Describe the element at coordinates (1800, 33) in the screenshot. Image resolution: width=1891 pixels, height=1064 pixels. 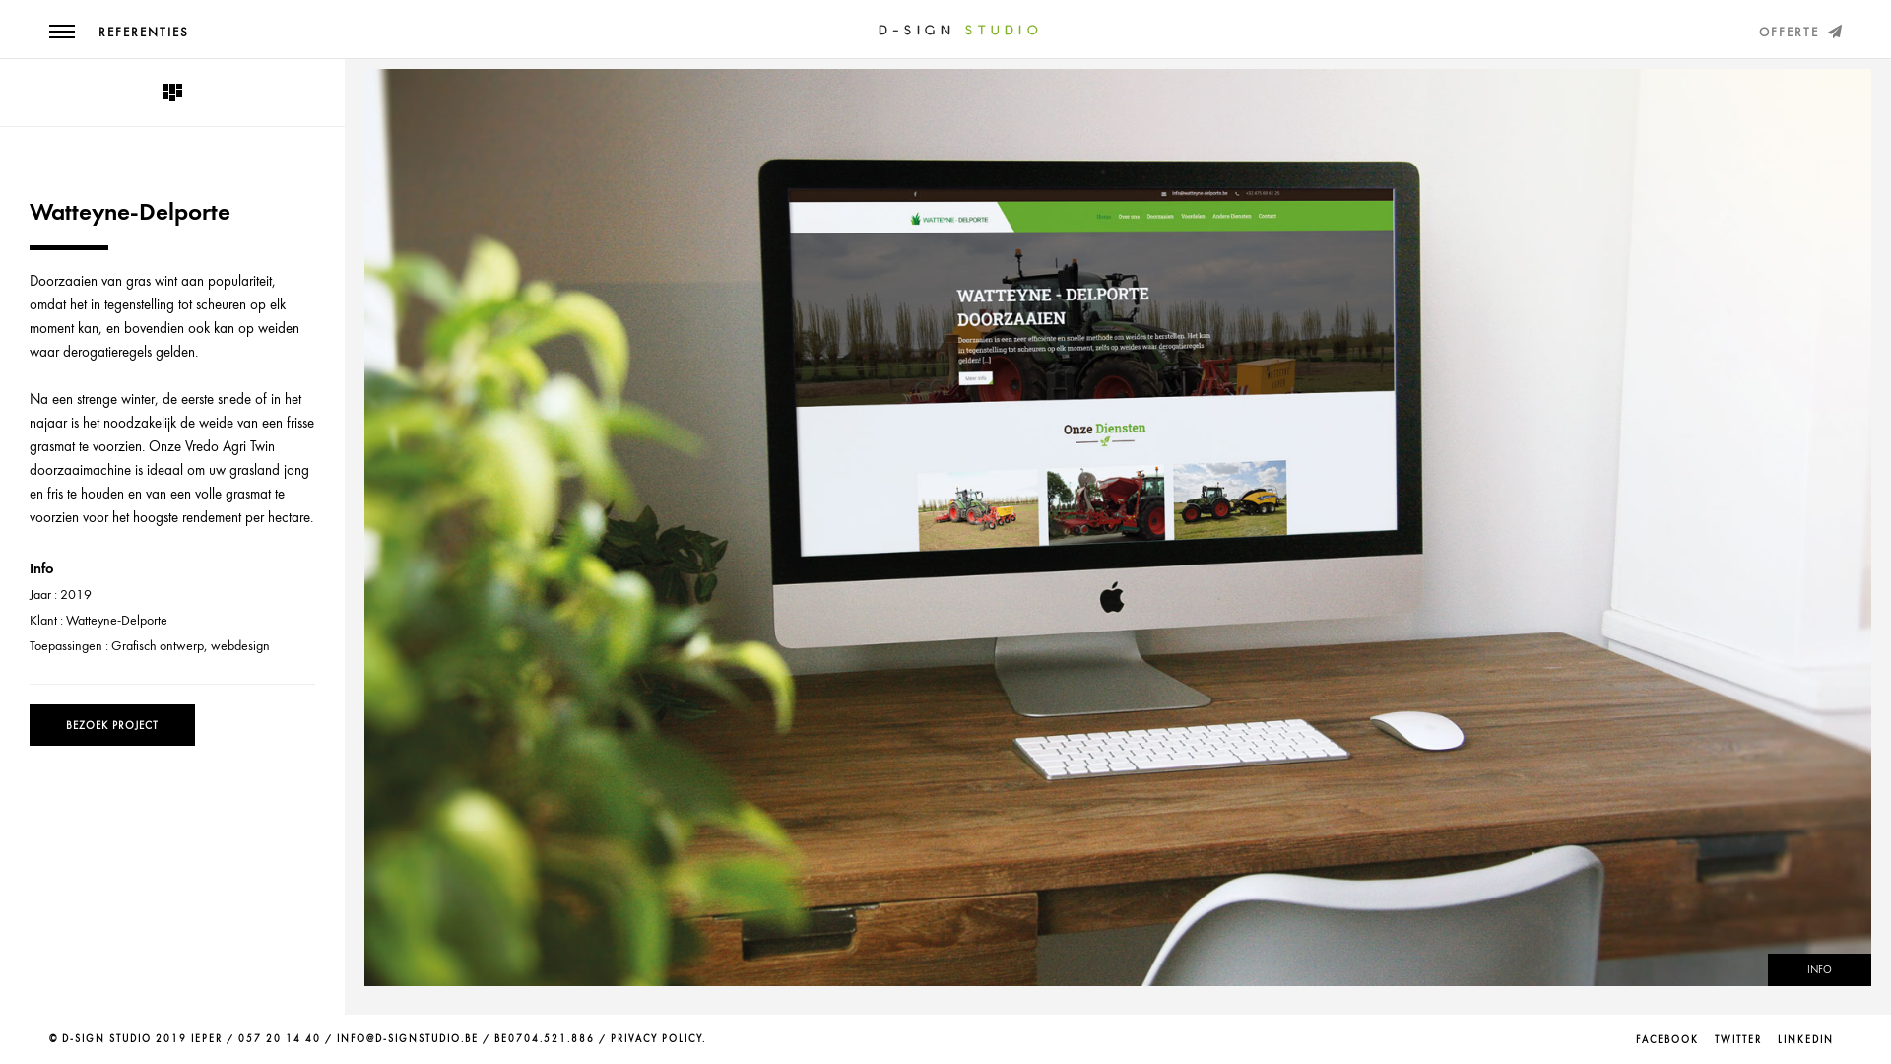
I see `'OFFERTE'` at that location.